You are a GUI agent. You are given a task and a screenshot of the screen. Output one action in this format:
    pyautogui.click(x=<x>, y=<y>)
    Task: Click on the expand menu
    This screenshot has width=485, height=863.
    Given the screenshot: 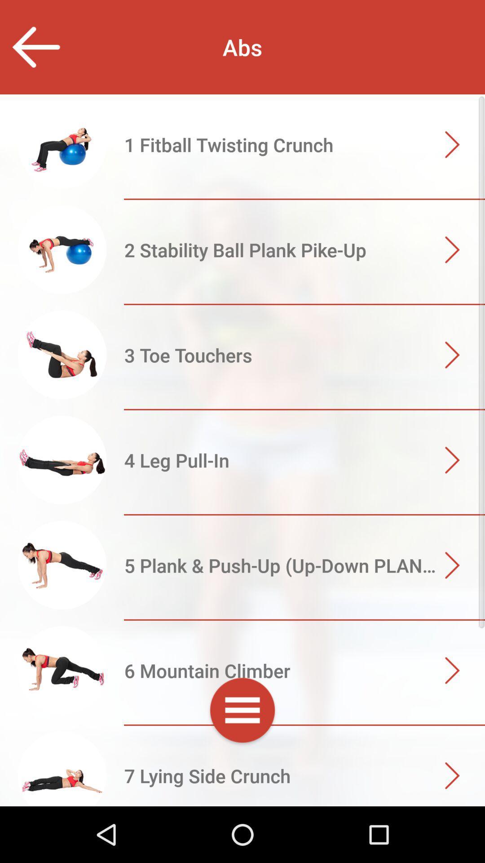 What is the action you would take?
    pyautogui.click(x=242, y=712)
    